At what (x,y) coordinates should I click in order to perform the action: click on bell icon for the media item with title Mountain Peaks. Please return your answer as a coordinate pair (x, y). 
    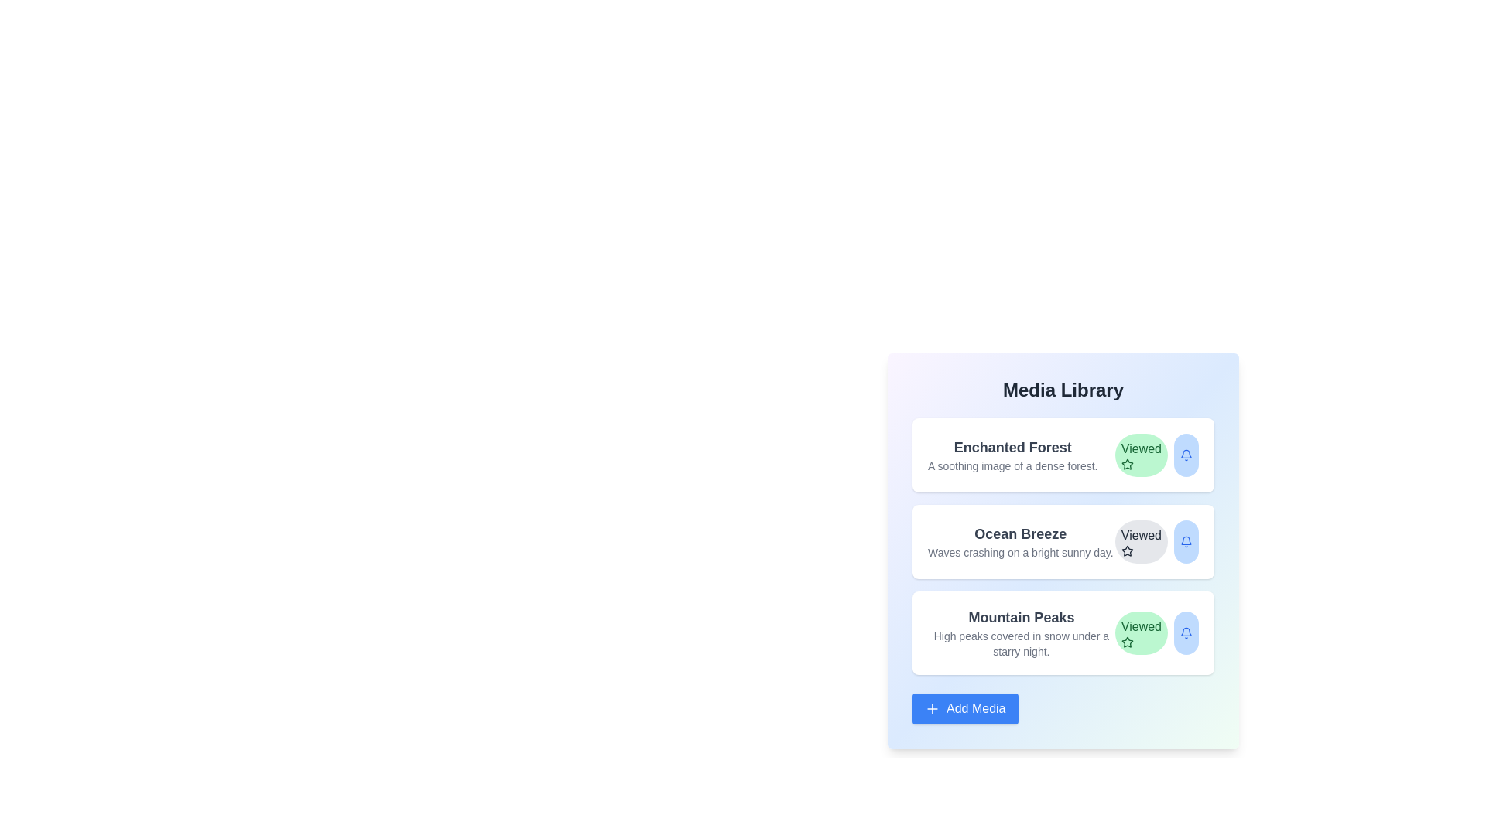
    Looking at the image, I should click on (1185, 632).